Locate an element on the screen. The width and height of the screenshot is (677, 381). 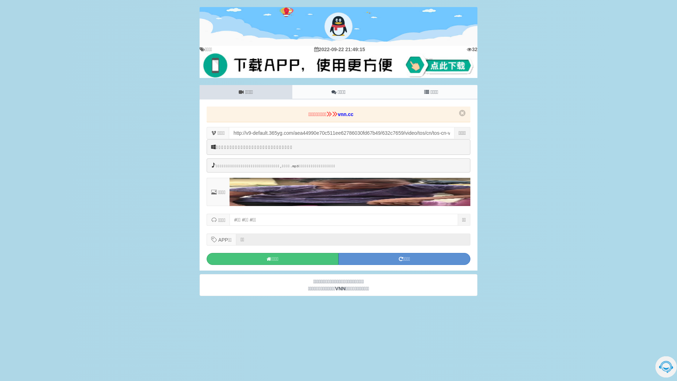
'vnn.cc' is located at coordinates (337, 114).